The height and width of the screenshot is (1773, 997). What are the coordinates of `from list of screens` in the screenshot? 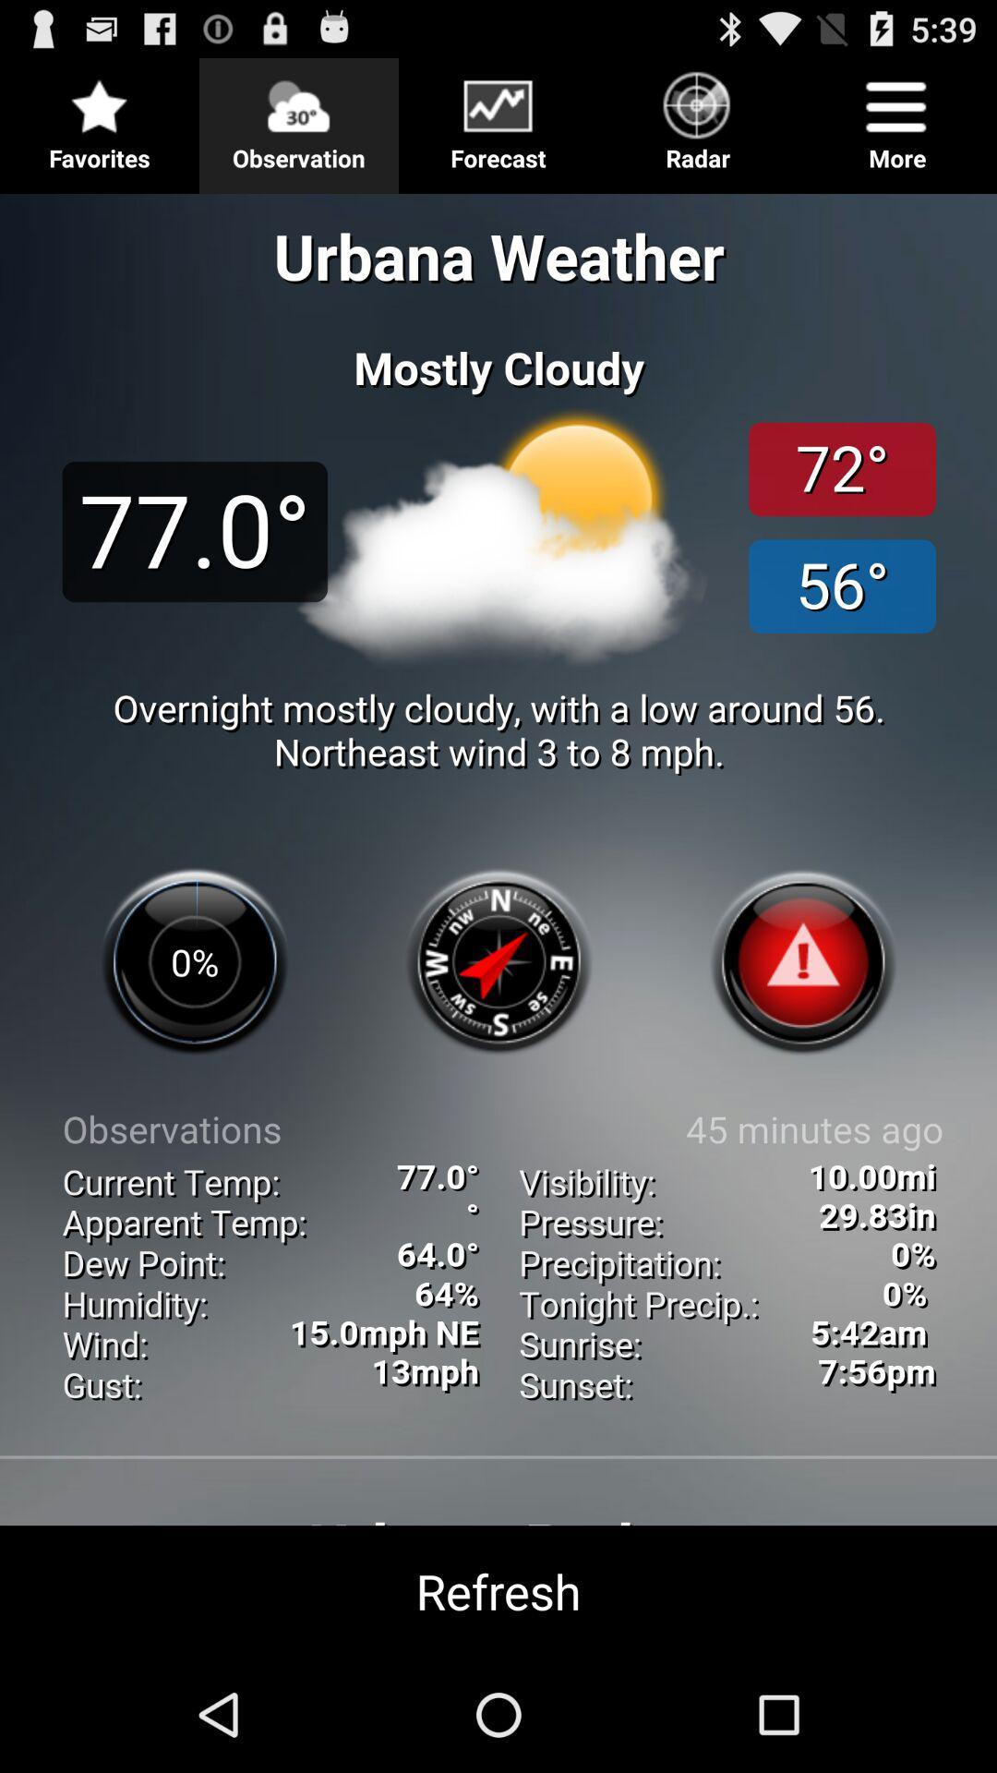 It's located at (498, 117).